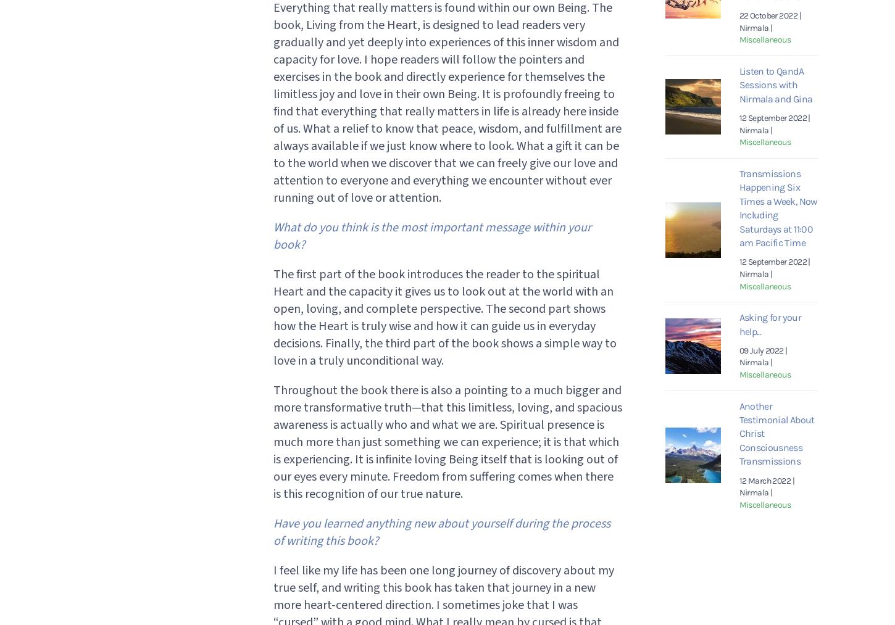 The height and width of the screenshot is (625, 895). What do you see at coordinates (738, 85) in the screenshot?
I see `'Listen to QandA Sessions with Nirmala and Gina'` at bounding box center [738, 85].